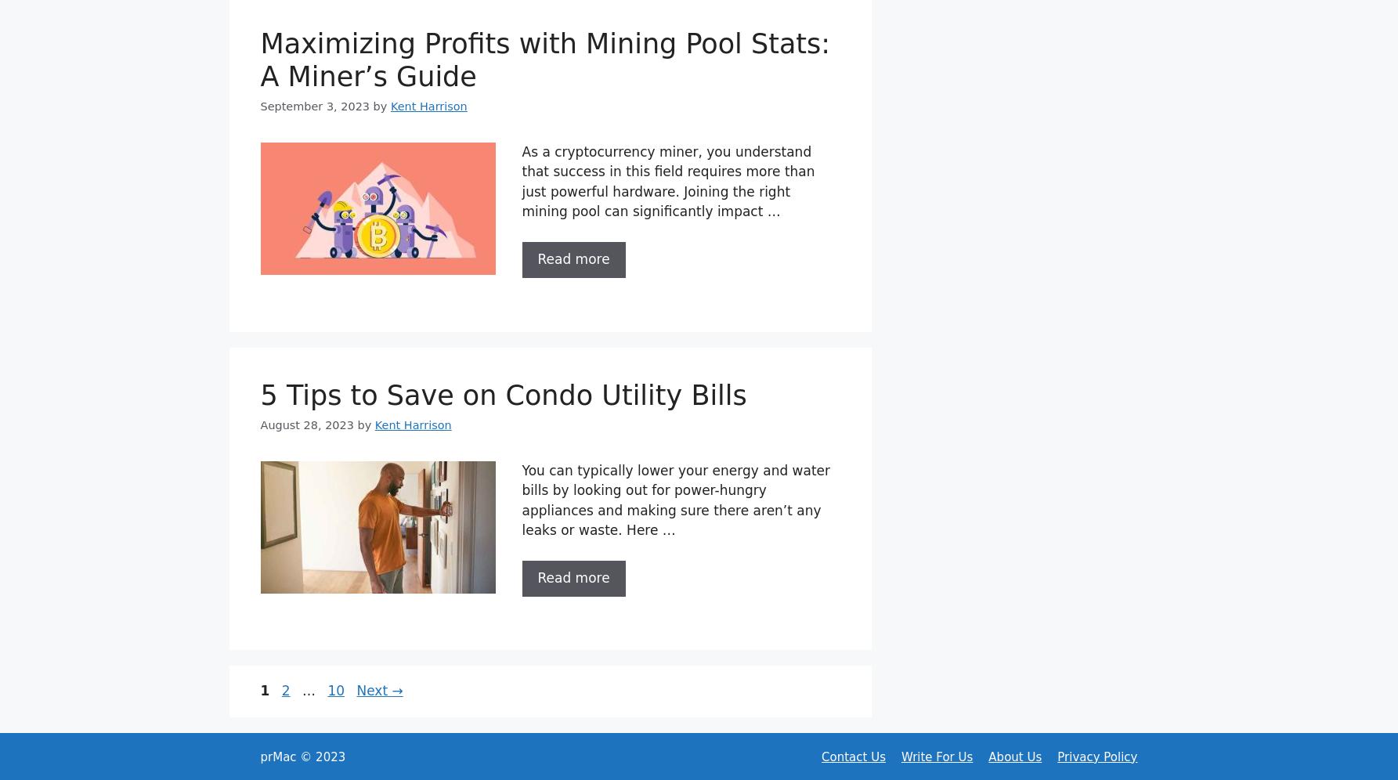 Image resolution: width=1398 pixels, height=780 pixels. What do you see at coordinates (265, 689) in the screenshot?
I see `'1'` at bounding box center [265, 689].